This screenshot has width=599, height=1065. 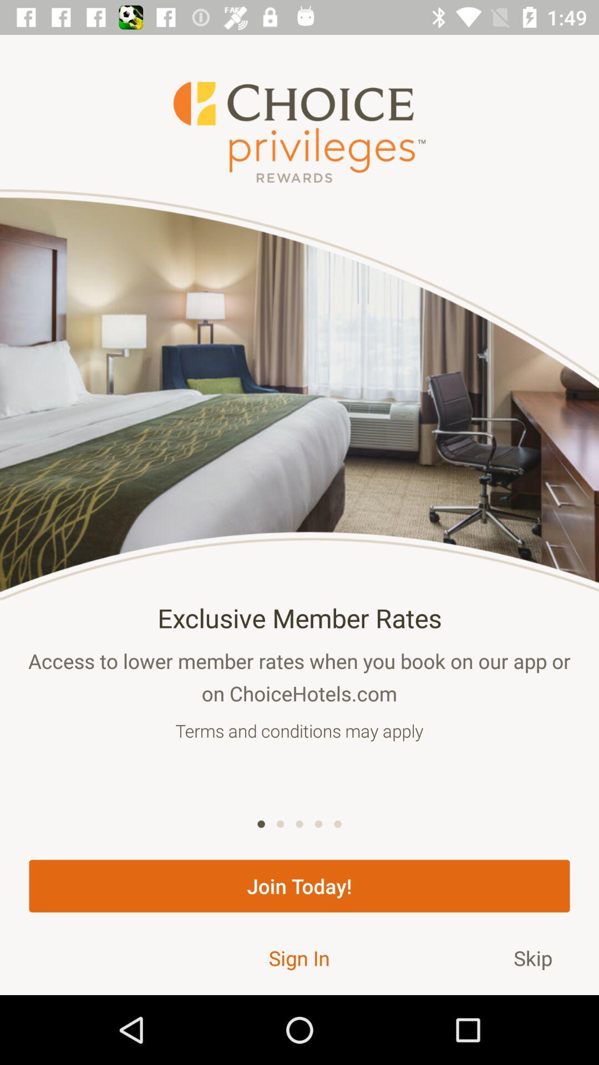 I want to click on the join today! item, so click(x=299, y=885).